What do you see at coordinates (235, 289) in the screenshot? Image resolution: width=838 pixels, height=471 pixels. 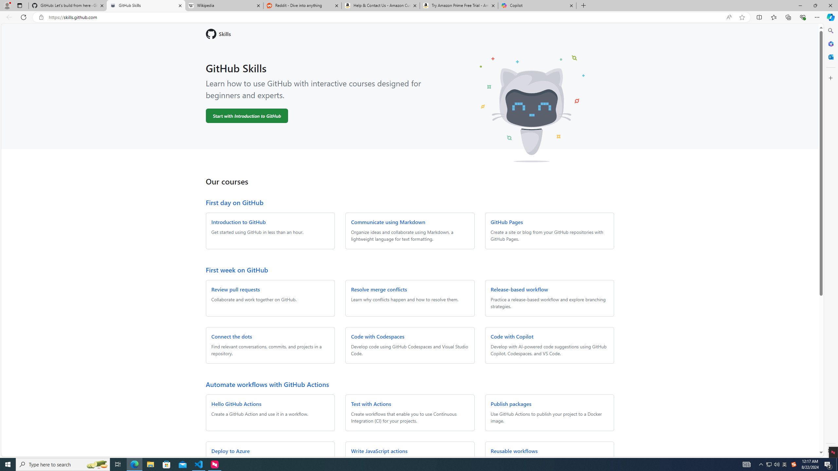 I see `'Review pull requests'` at bounding box center [235, 289].